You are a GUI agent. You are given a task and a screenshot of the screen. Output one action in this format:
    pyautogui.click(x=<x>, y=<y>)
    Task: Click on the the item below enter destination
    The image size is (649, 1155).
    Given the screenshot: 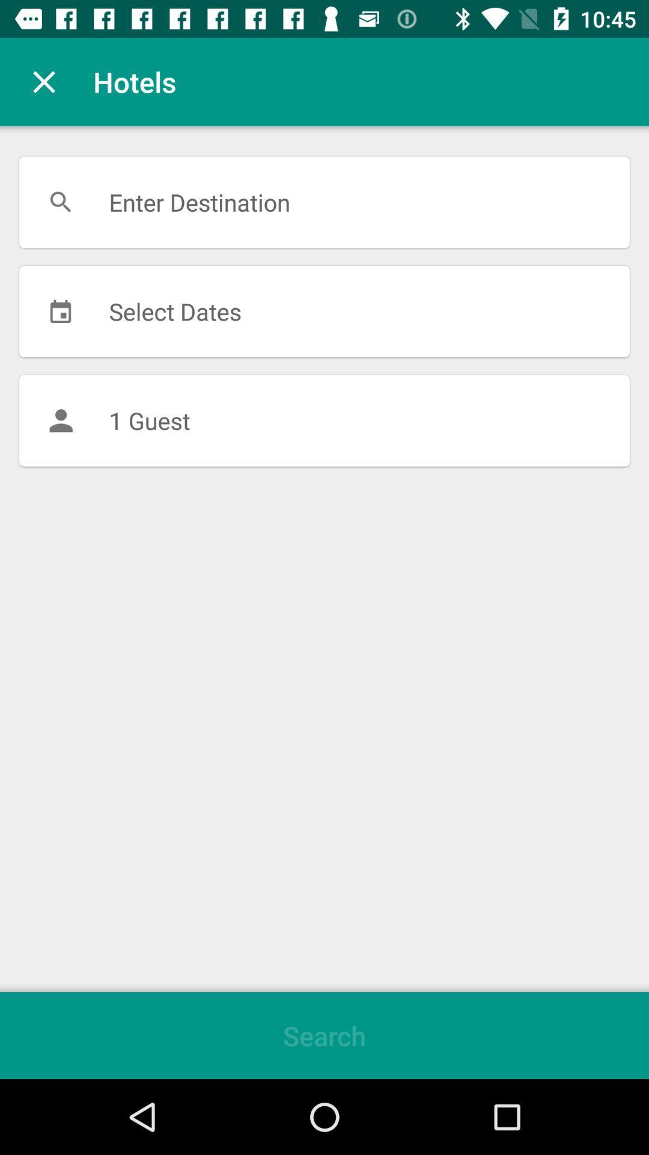 What is the action you would take?
    pyautogui.click(x=324, y=311)
    